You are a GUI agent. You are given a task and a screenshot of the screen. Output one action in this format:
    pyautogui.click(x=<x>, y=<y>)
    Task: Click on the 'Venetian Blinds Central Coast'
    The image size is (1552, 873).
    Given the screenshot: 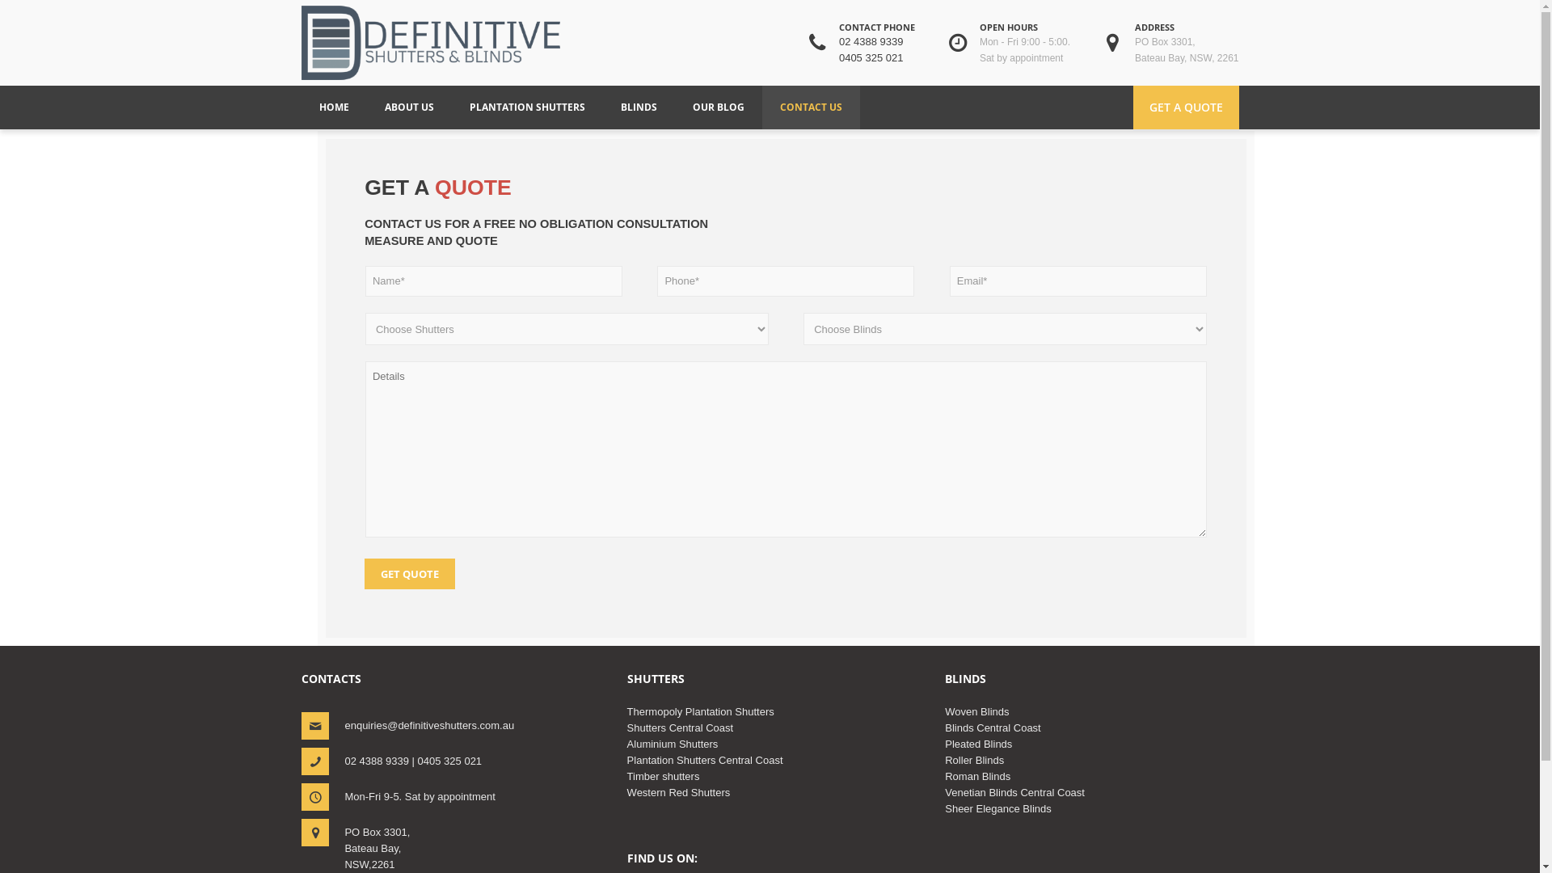 What is the action you would take?
    pyautogui.click(x=1014, y=791)
    